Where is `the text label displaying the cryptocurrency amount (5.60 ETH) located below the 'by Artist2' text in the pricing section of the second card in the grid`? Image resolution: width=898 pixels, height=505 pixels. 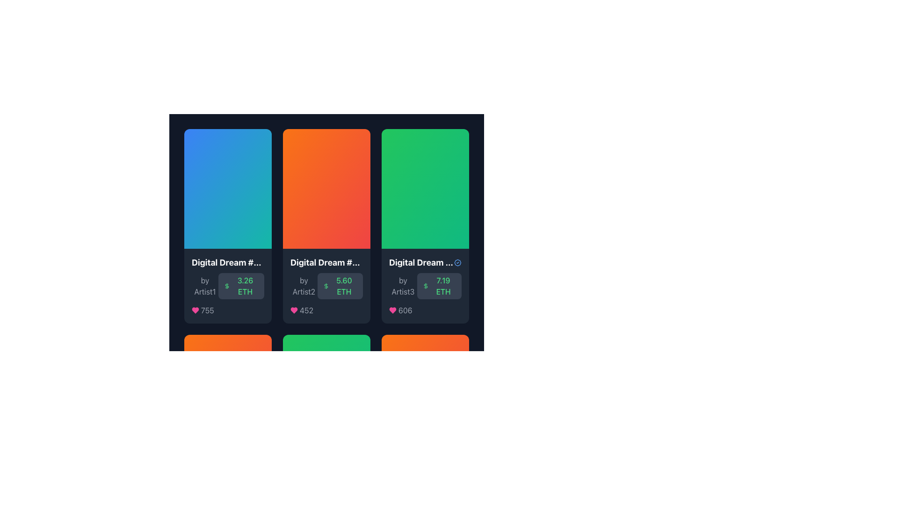 the text label displaying the cryptocurrency amount (5.60 ETH) located below the 'by Artist2' text in the pricing section of the second card in the grid is located at coordinates (340, 286).